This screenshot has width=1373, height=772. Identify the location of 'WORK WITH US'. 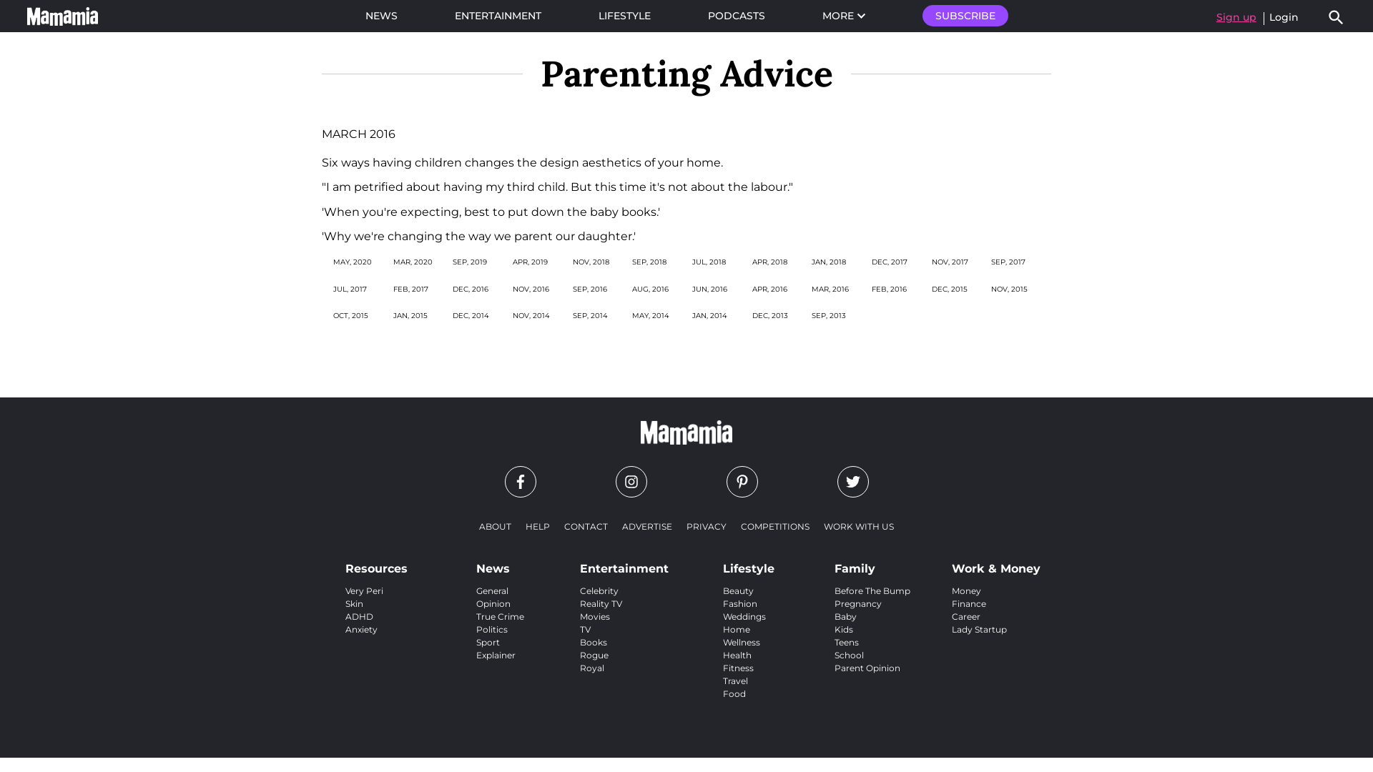
(858, 526).